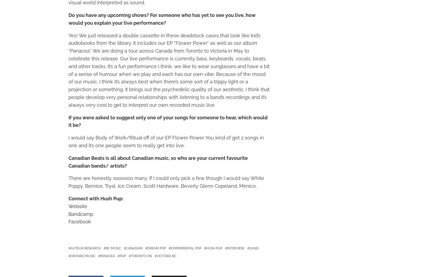 The height and width of the screenshot is (277, 443). I want to click on 'Hush Pup', so click(214, 248).